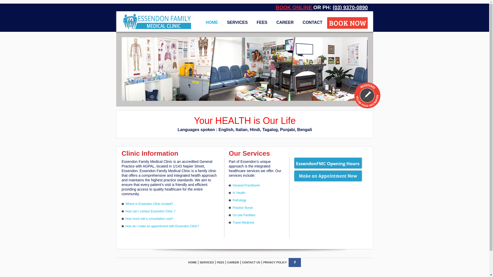  I want to click on 'CAREER', so click(227, 262).